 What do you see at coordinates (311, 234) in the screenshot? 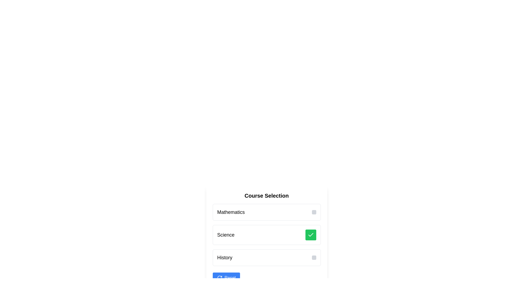
I see `the checkmark icon within the green square next to the 'Science' label` at bounding box center [311, 234].